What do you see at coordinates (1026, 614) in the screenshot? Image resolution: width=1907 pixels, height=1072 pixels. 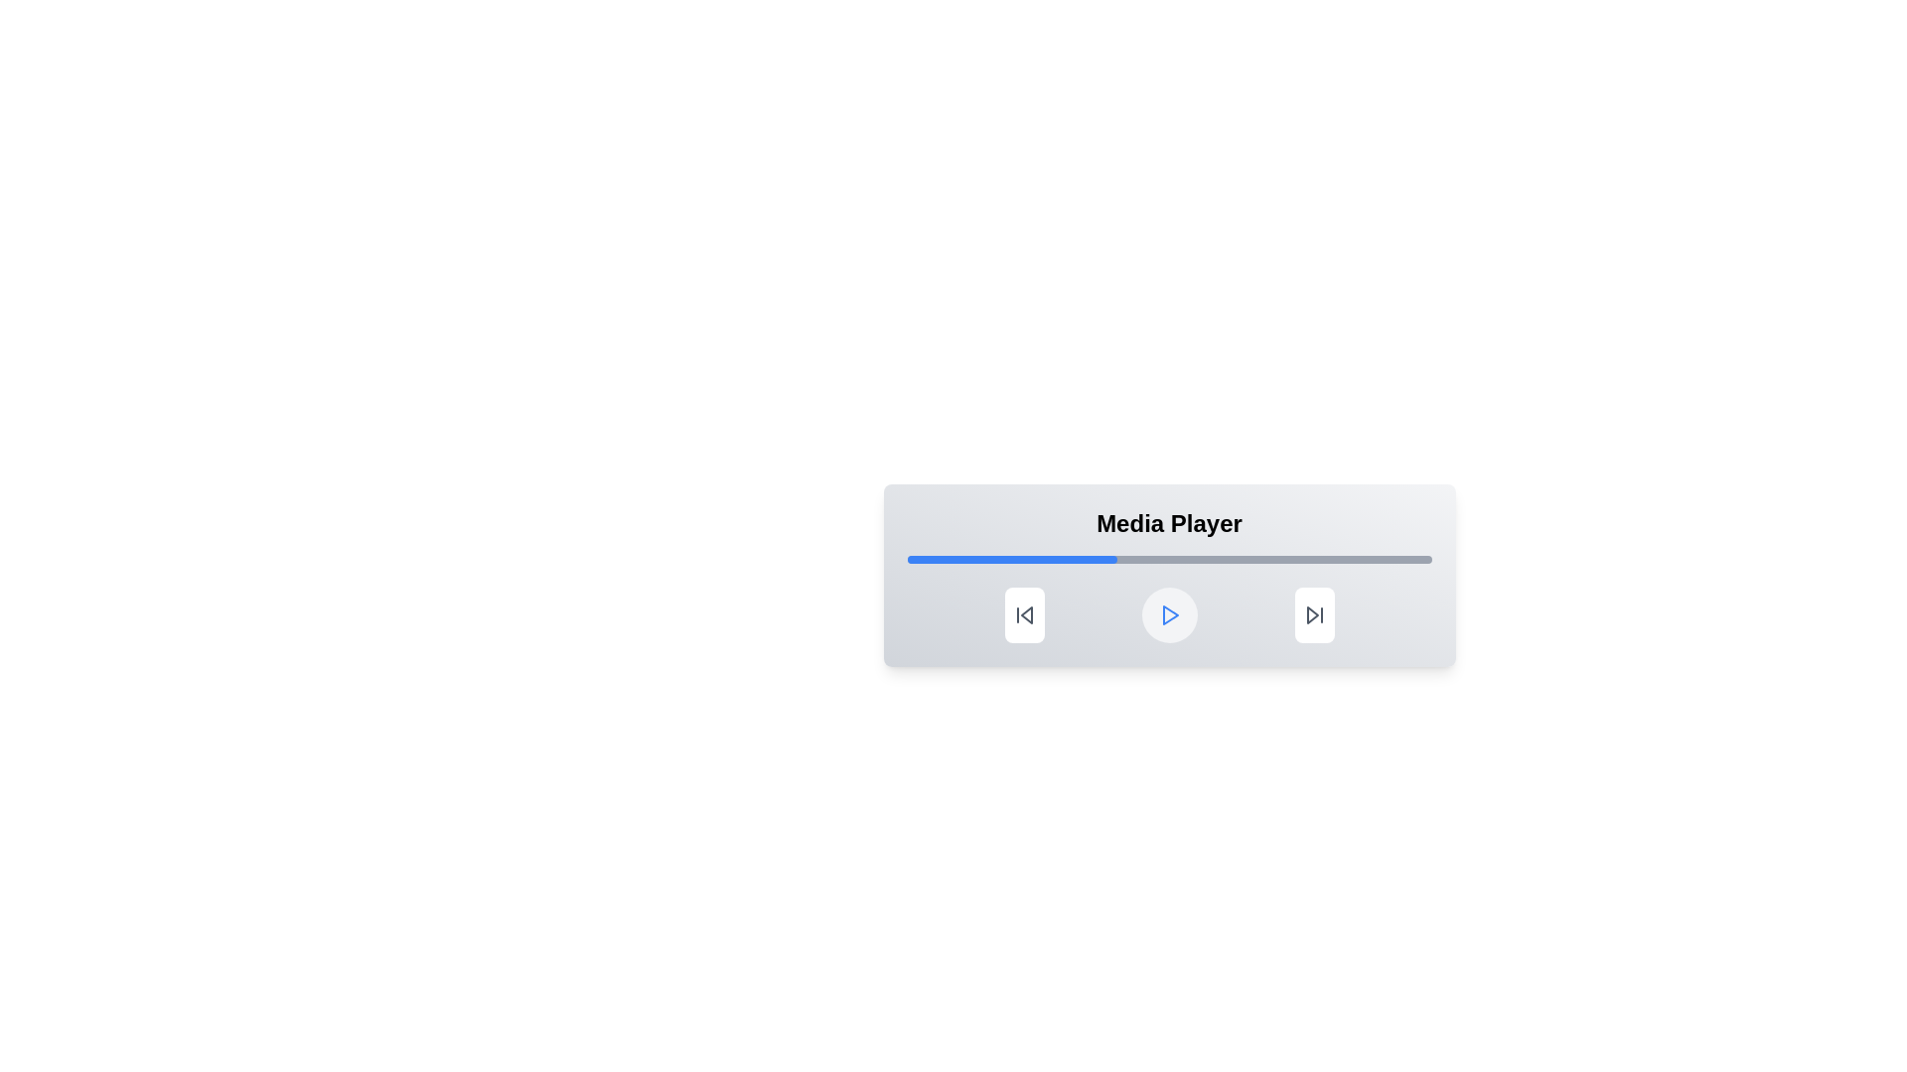 I see `the Previous Button located in the media player interface` at bounding box center [1026, 614].